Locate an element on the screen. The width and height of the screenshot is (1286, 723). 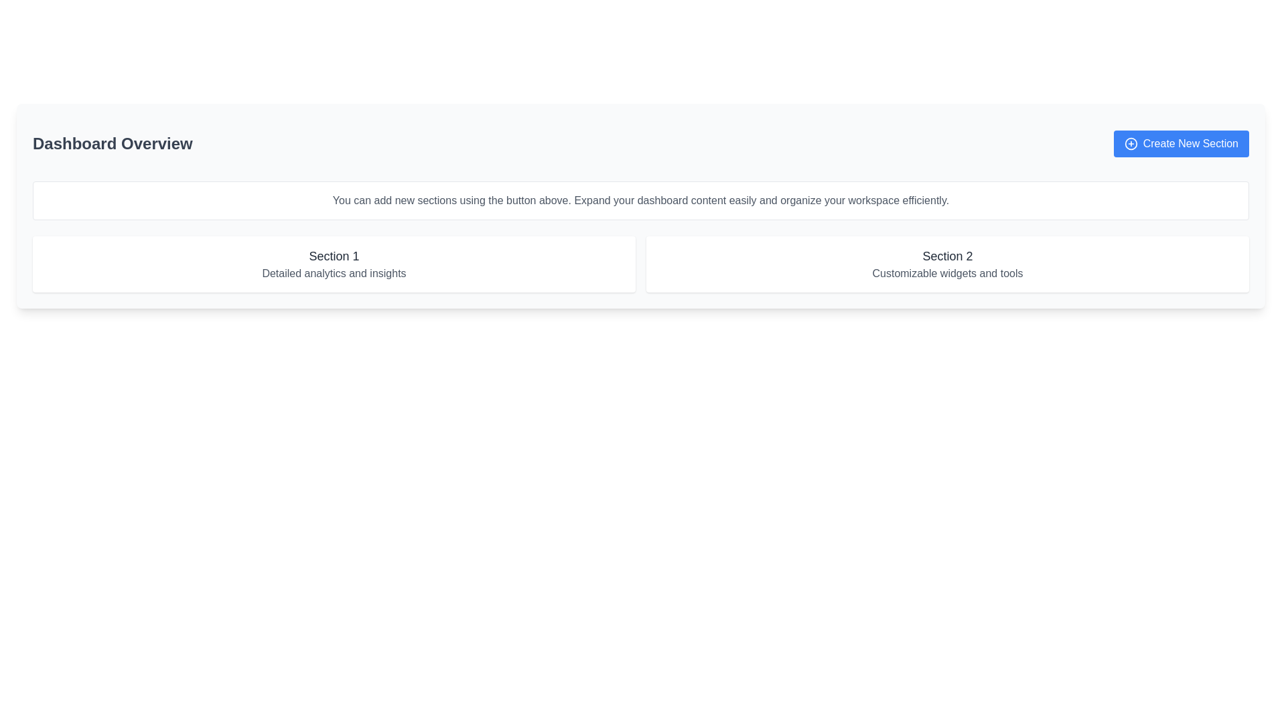
the icon located on the left side of the 'Create New Section' button is located at coordinates (1130, 144).